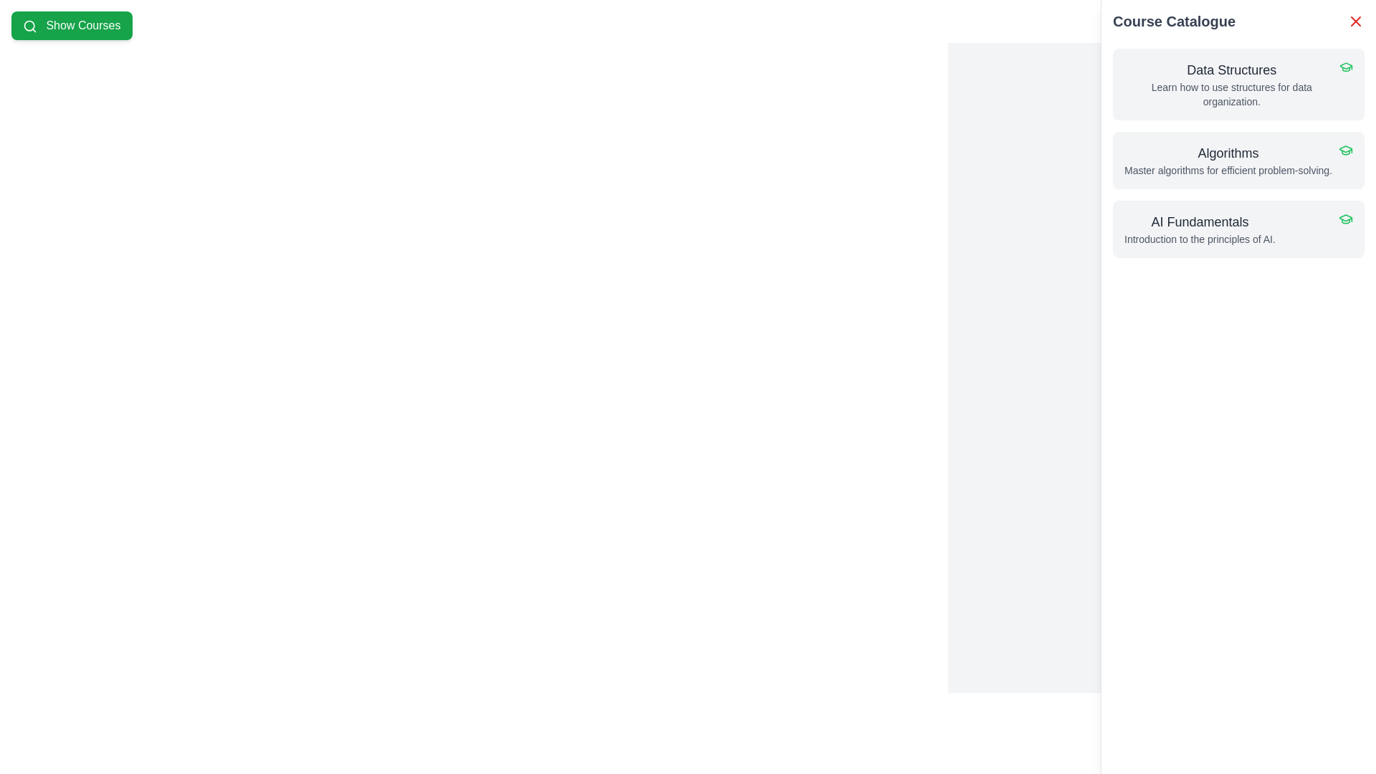  What do you see at coordinates (1238, 229) in the screenshot?
I see `the selectable item in the Course Catalogue list that has a light gray background, rounded corners, and contains the text 'AI Fundamentals' with a green graduation cap icon on the right` at bounding box center [1238, 229].